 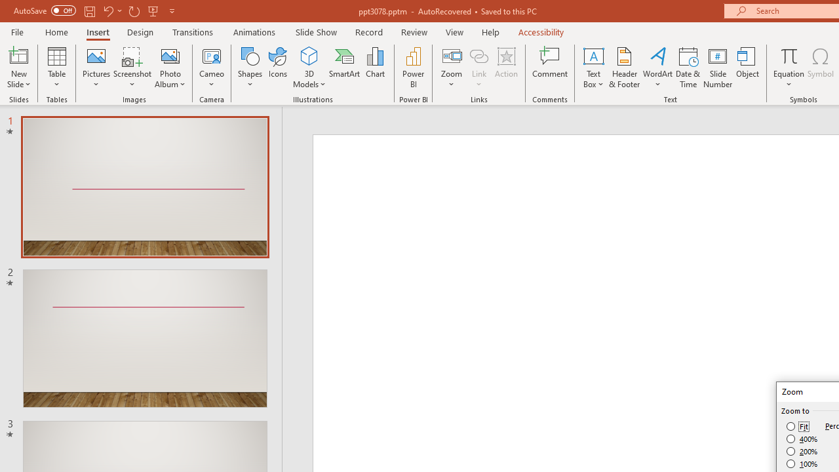 I want to click on 'Fit', so click(x=797, y=426).